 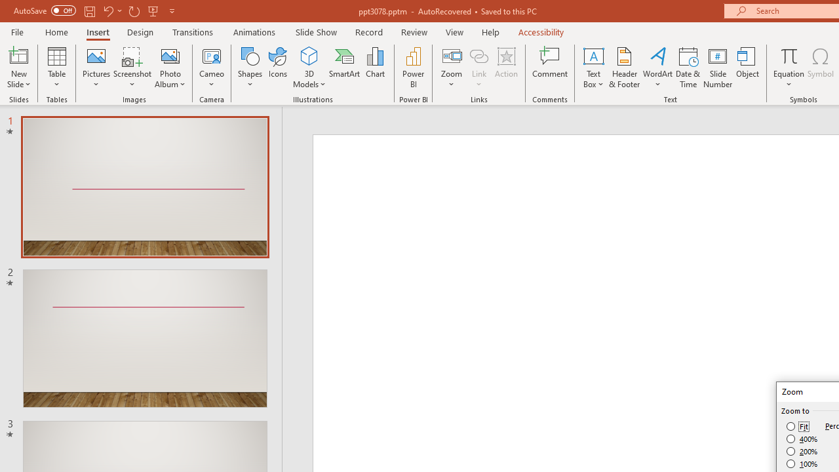 I want to click on 'Fit', so click(x=797, y=426).